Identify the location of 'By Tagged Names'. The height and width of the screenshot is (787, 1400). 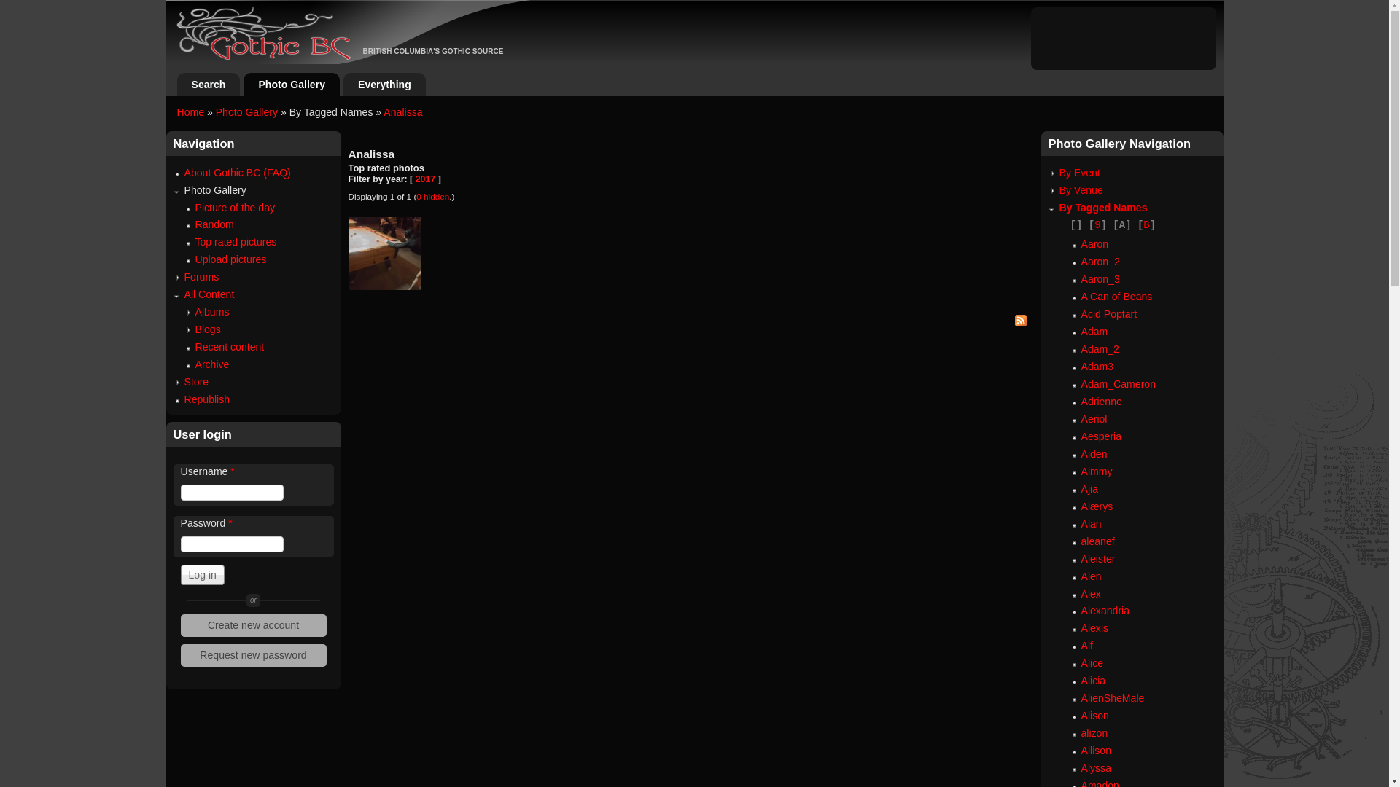
(1058, 208).